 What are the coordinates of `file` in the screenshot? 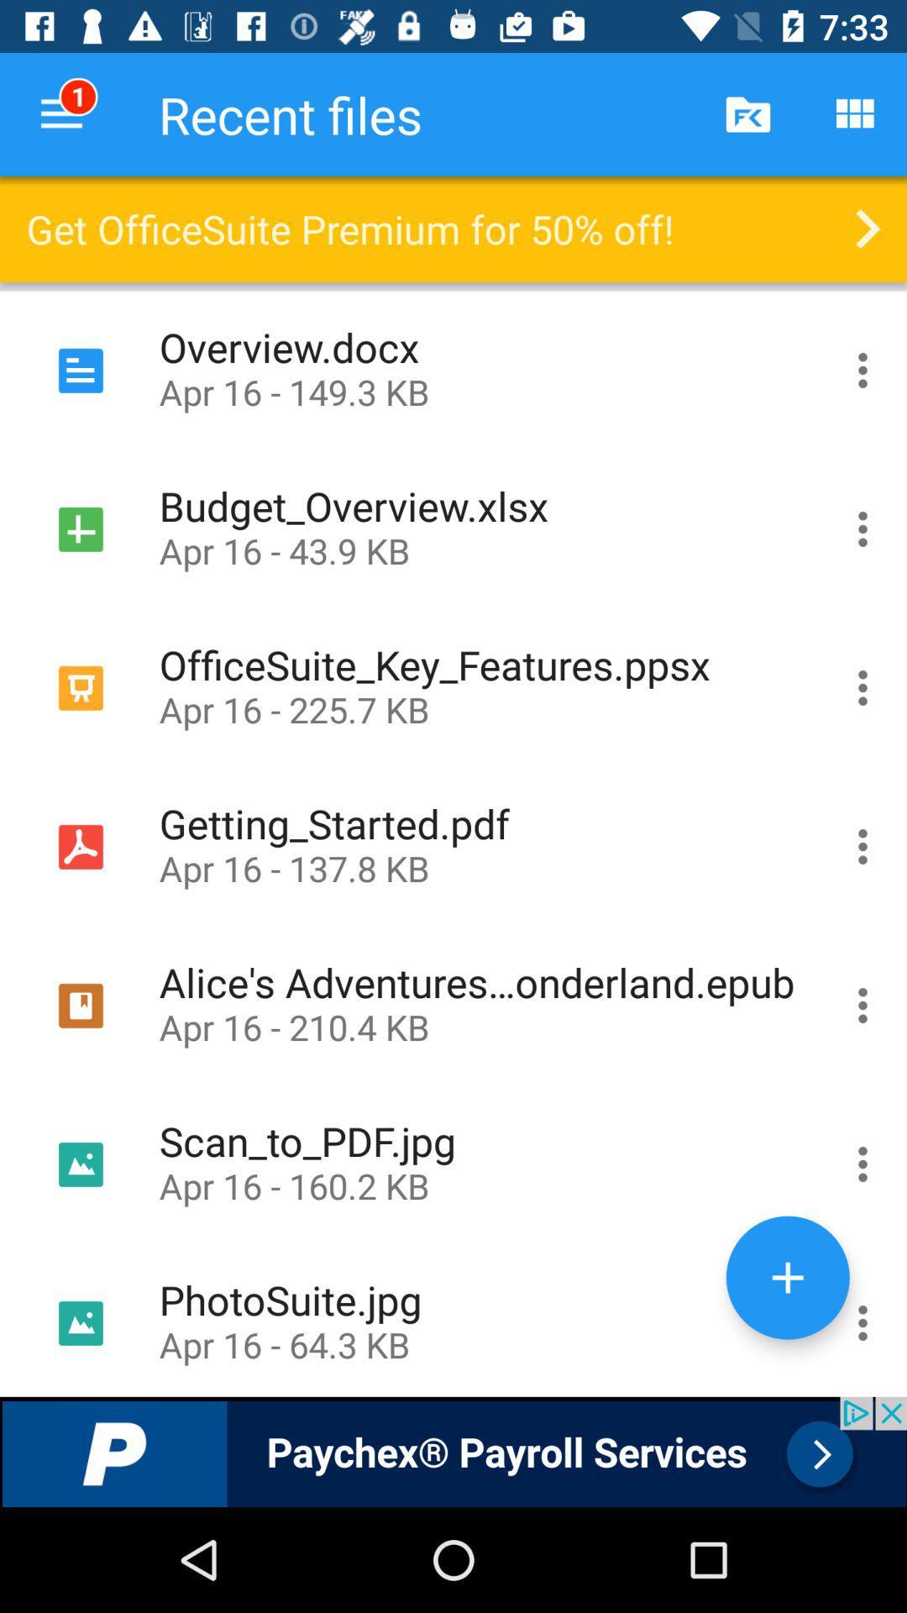 It's located at (788, 1277).